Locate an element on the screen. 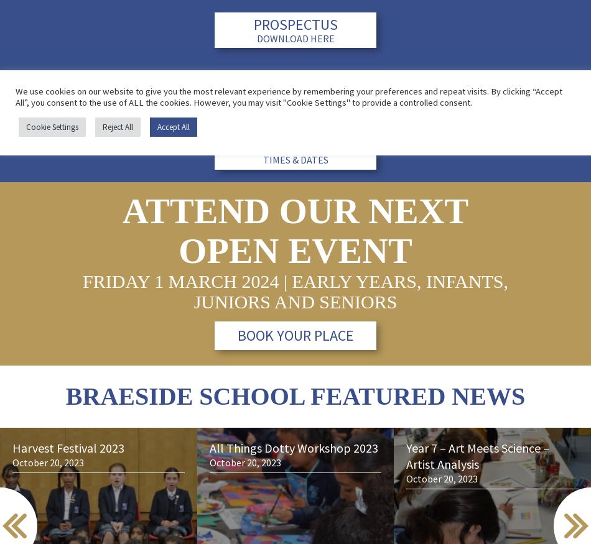  'Cookie Settings' is located at coordinates (52, 127).